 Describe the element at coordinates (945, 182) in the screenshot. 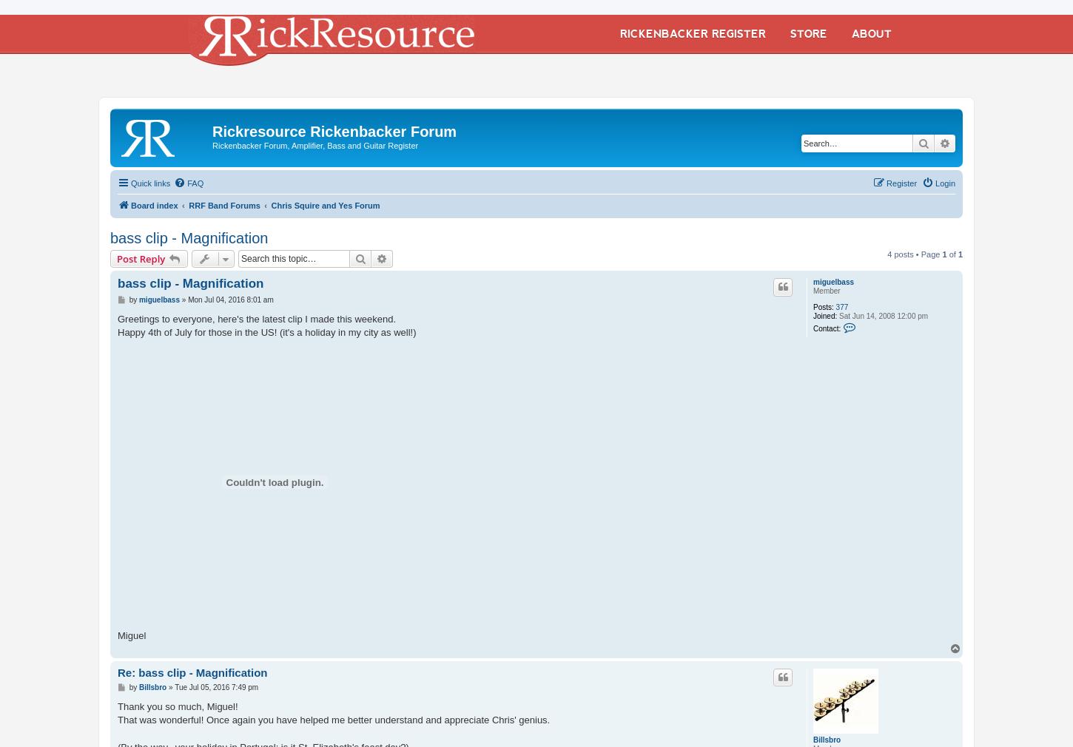

I see `'Login'` at that location.